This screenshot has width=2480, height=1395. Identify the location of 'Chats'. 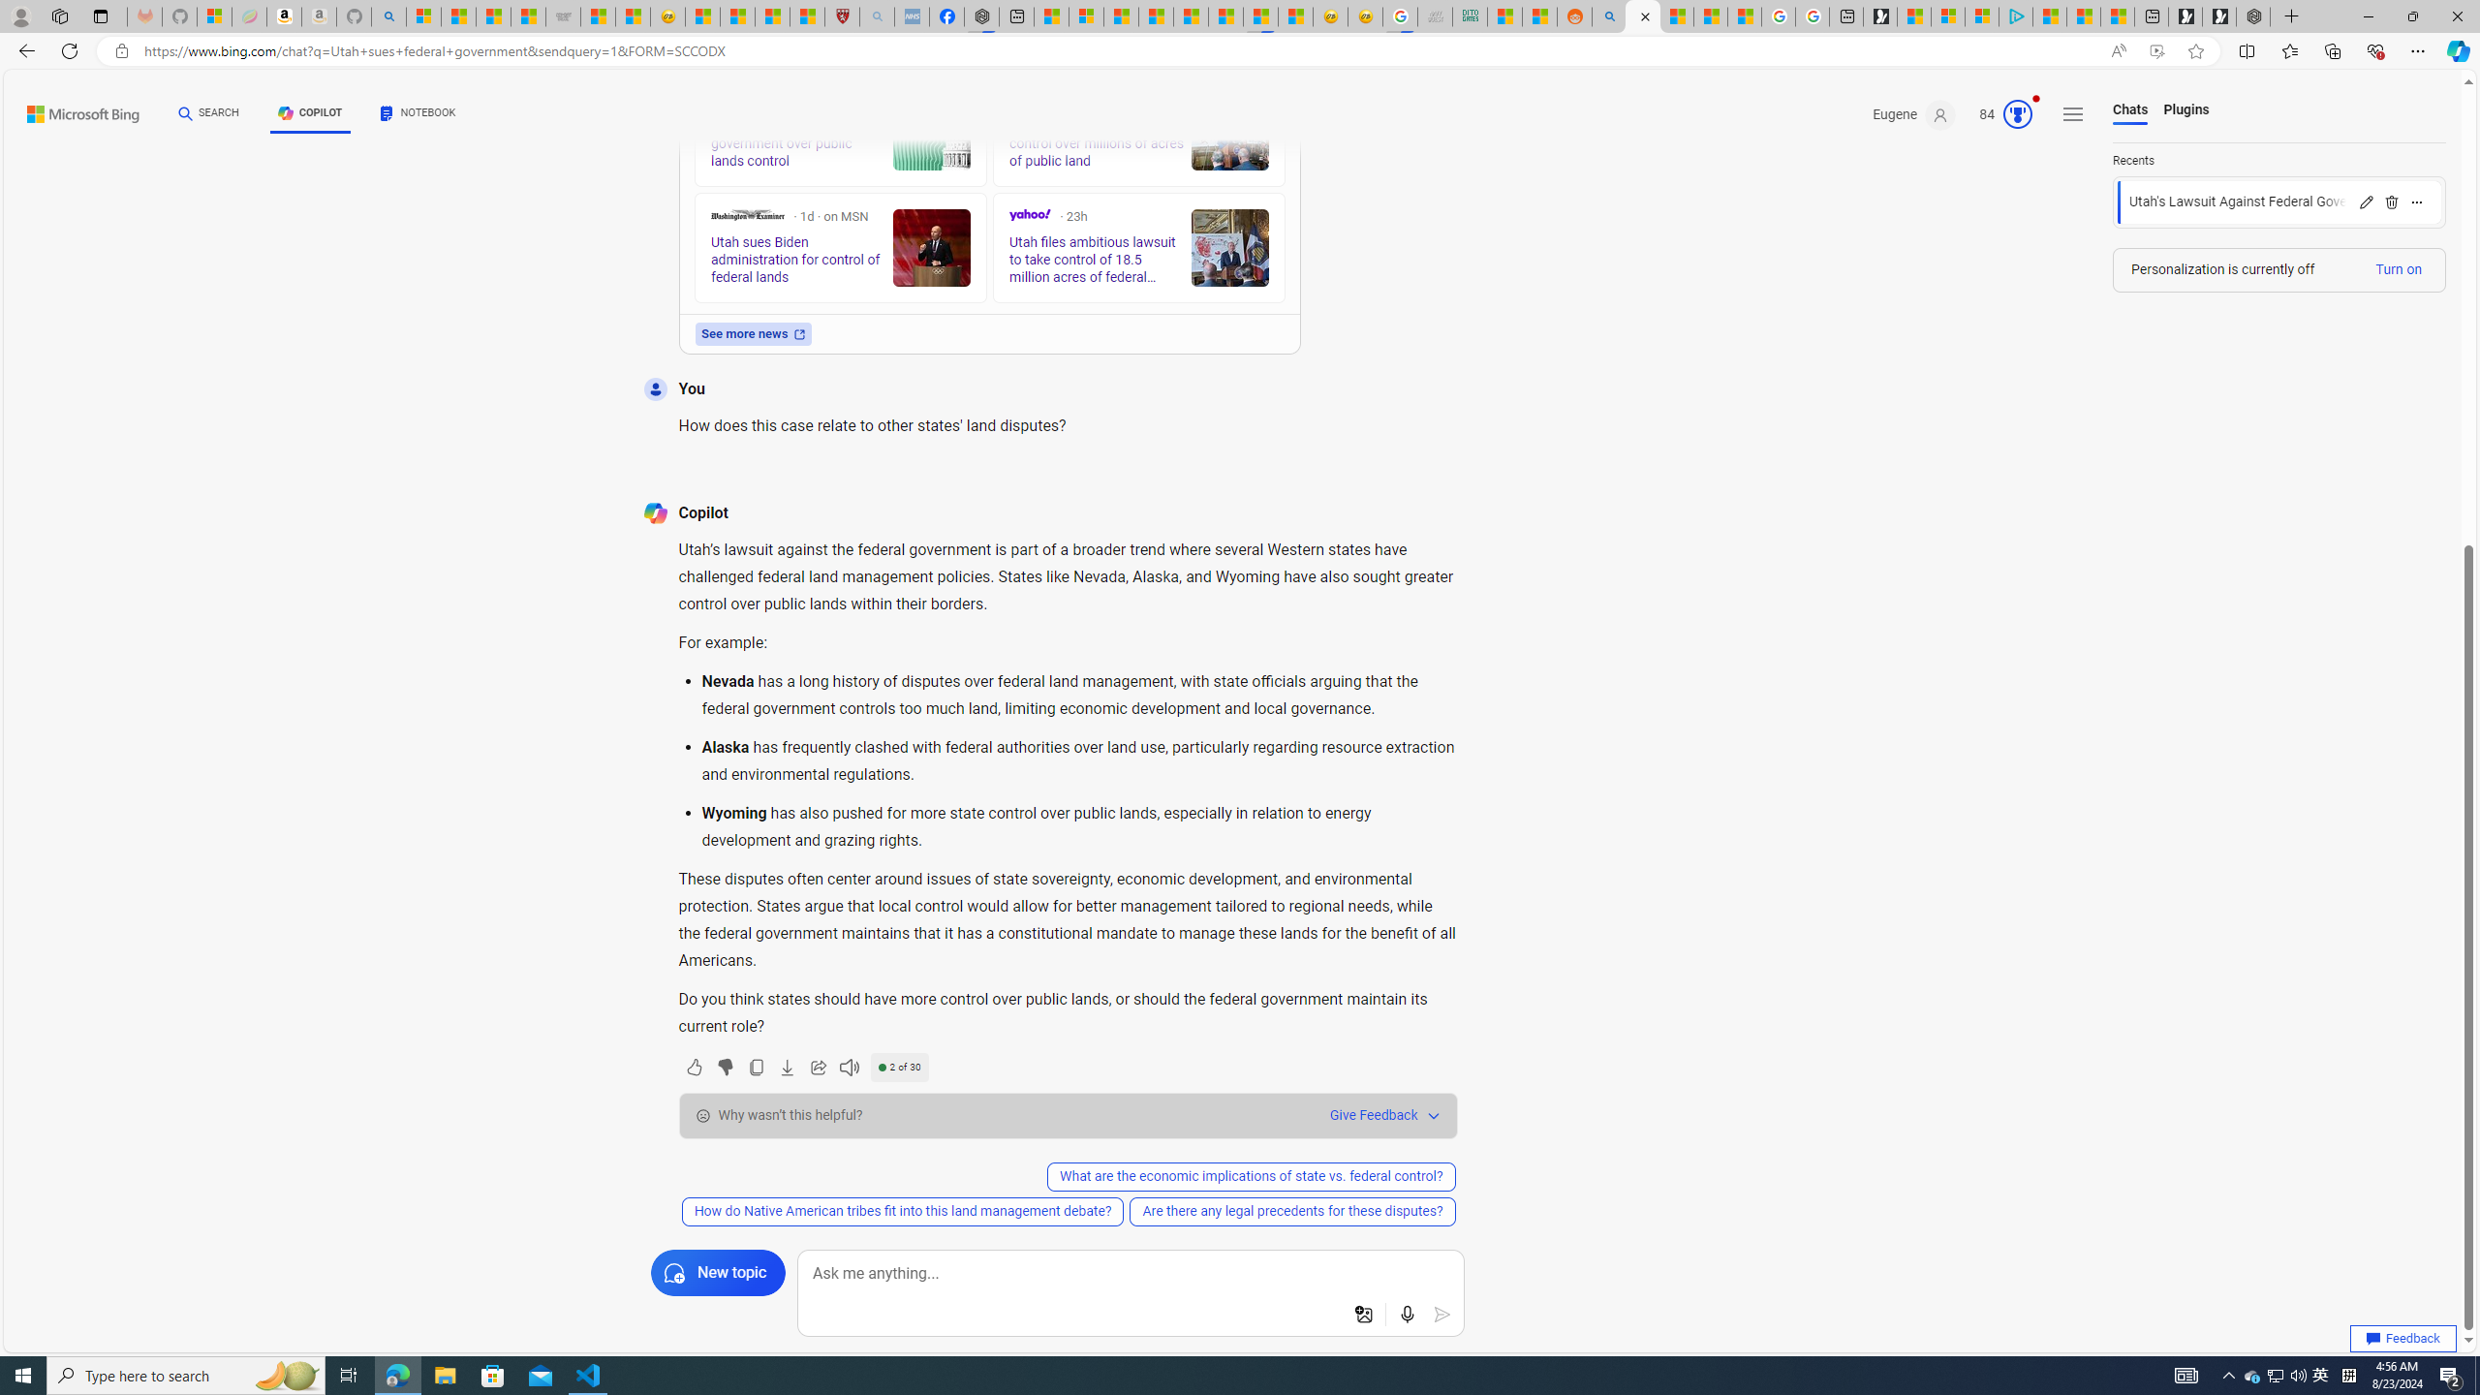
(2129, 110).